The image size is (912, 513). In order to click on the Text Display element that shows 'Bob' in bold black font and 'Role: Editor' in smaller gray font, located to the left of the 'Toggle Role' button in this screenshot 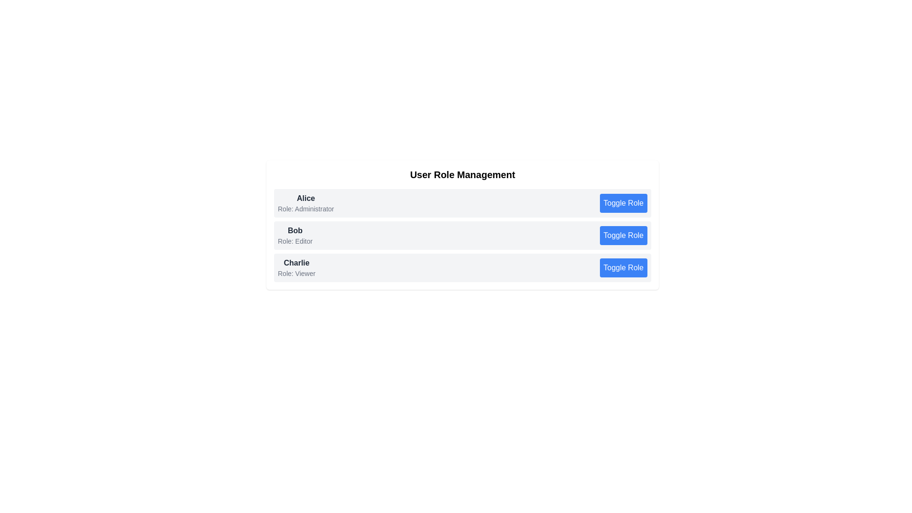, I will do `click(294, 235)`.